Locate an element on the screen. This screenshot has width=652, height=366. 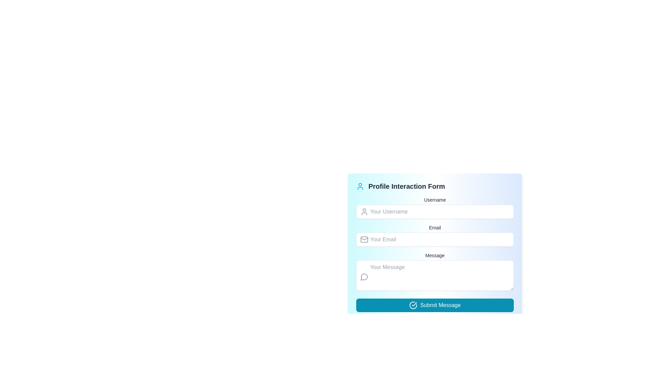
the vector graphical element that represents the flap of the envelope icon associated with the 'Email' input field is located at coordinates (364, 238).